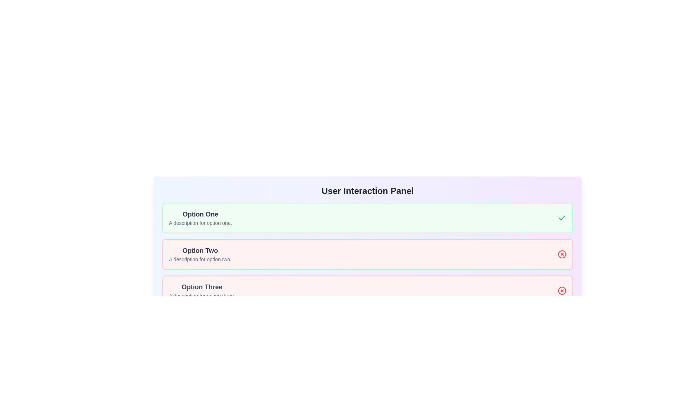 The width and height of the screenshot is (699, 393). I want to click on the checkmark icon located in the top right corner of the 'Option One' card, so click(562, 217).